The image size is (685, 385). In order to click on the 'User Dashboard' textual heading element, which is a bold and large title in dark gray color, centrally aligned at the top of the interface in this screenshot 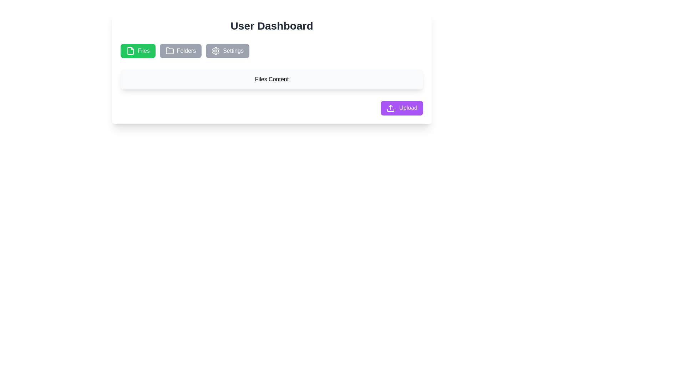, I will do `click(272, 26)`.